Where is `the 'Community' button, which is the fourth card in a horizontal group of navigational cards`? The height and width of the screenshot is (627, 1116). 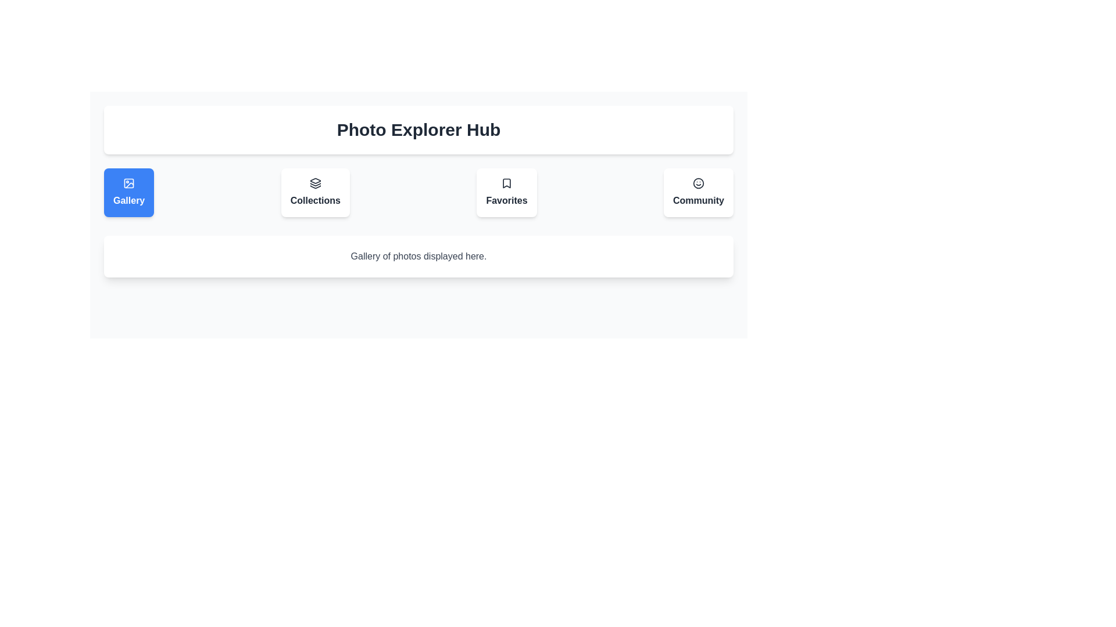
the 'Community' button, which is the fourth card in a horizontal group of navigational cards is located at coordinates (697, 192).